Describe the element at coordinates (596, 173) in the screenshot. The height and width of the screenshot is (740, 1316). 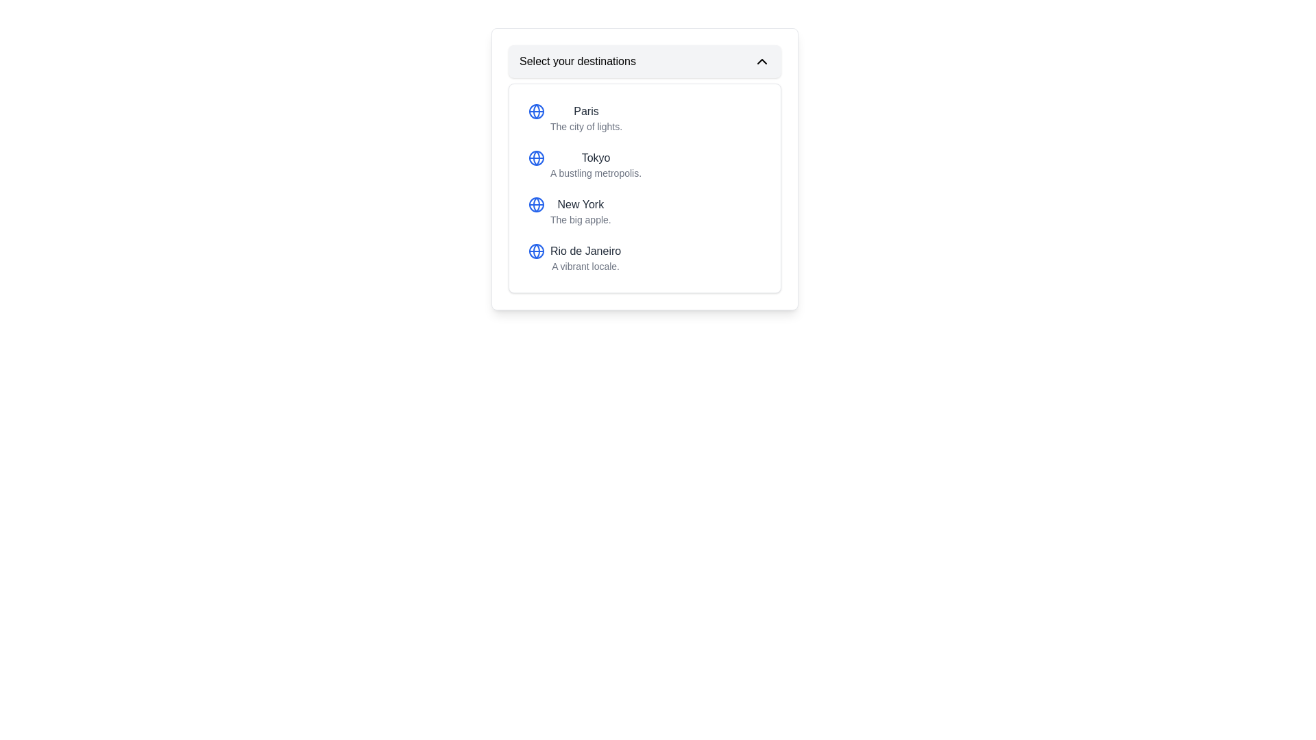
I see `the line of text displaying 'A bustling metropolis.' located beneath the bold text 'Tokyo' in the list panel of city destinations` at that location.